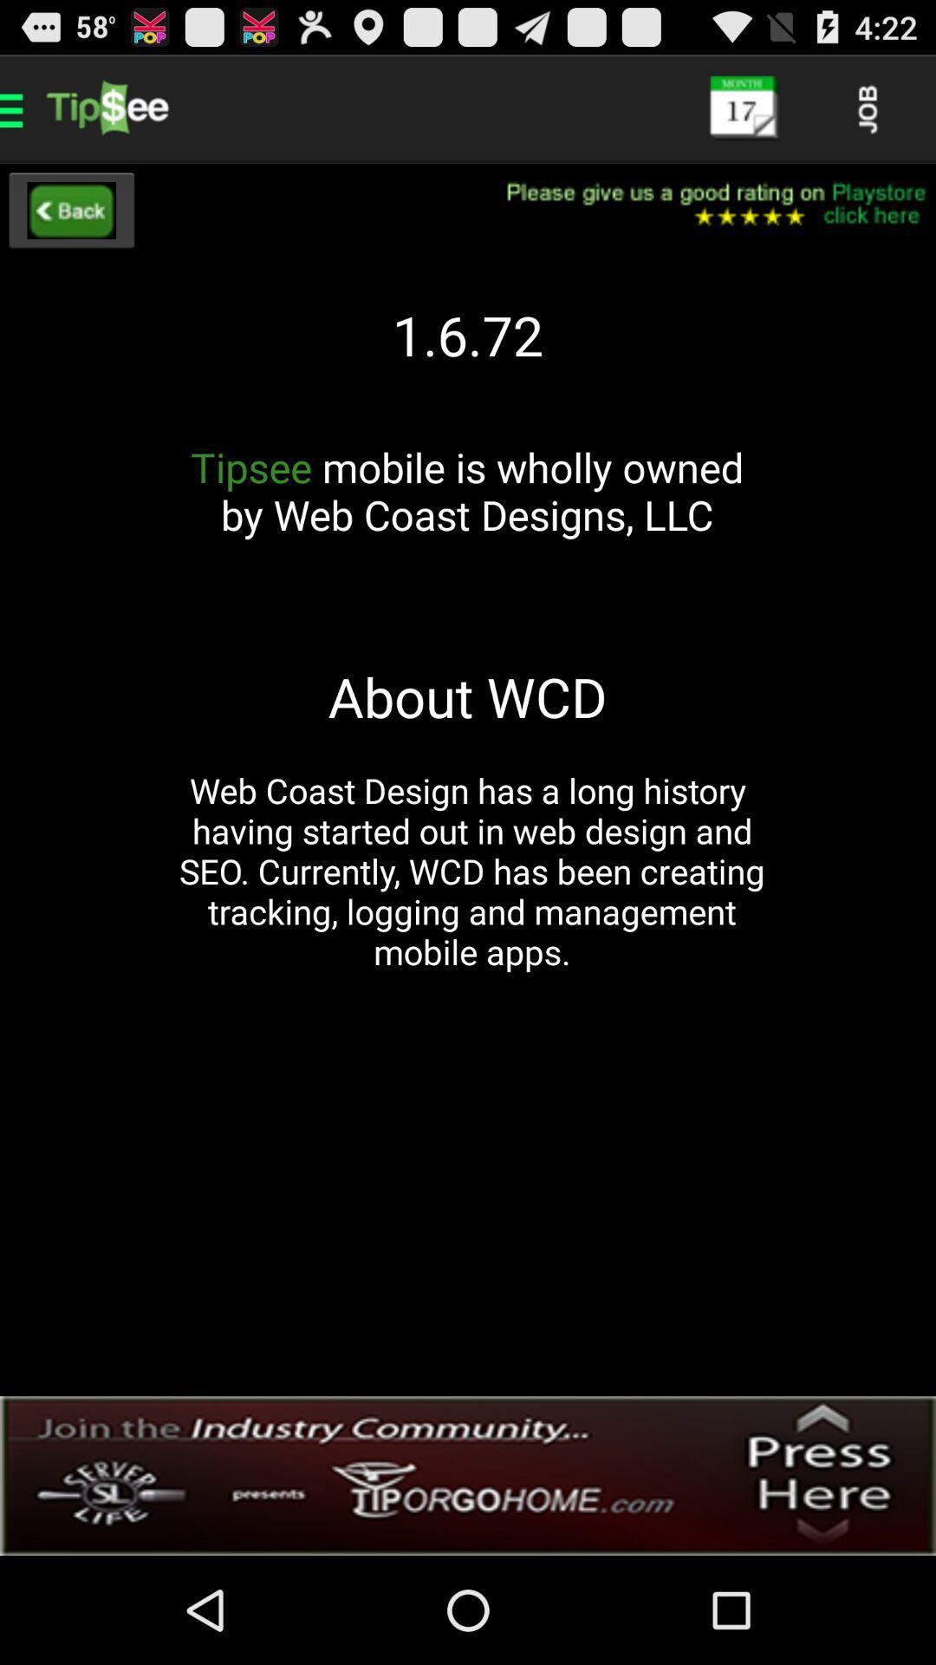 The image size is (936, 1665). What do you see at coordinates (705, 205) in the screenshot?
I see `rate app` at bounding box center [705, 205].